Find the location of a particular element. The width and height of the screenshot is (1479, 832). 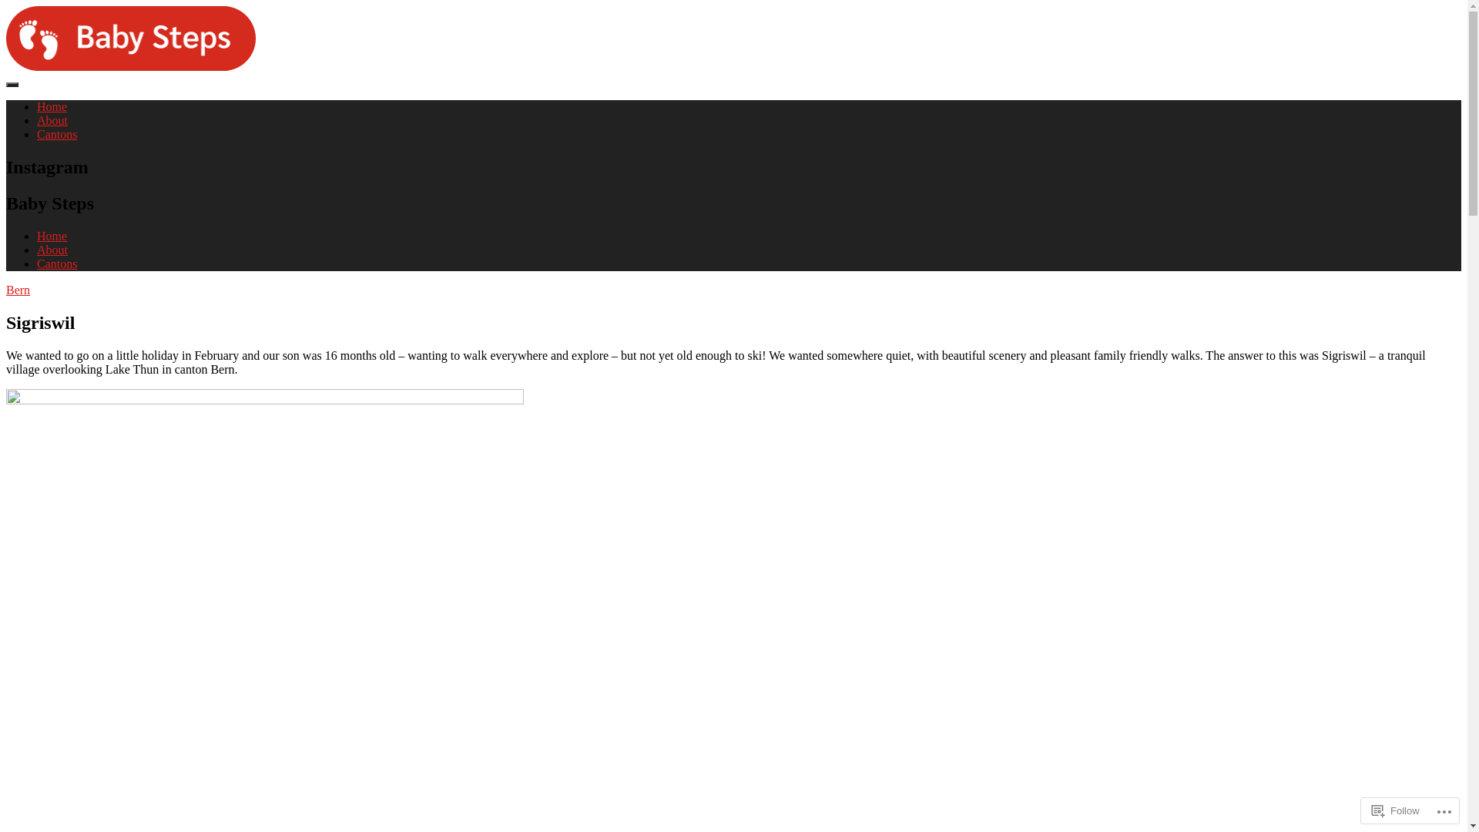

'Cantons' is located at coordinates (37, 263).